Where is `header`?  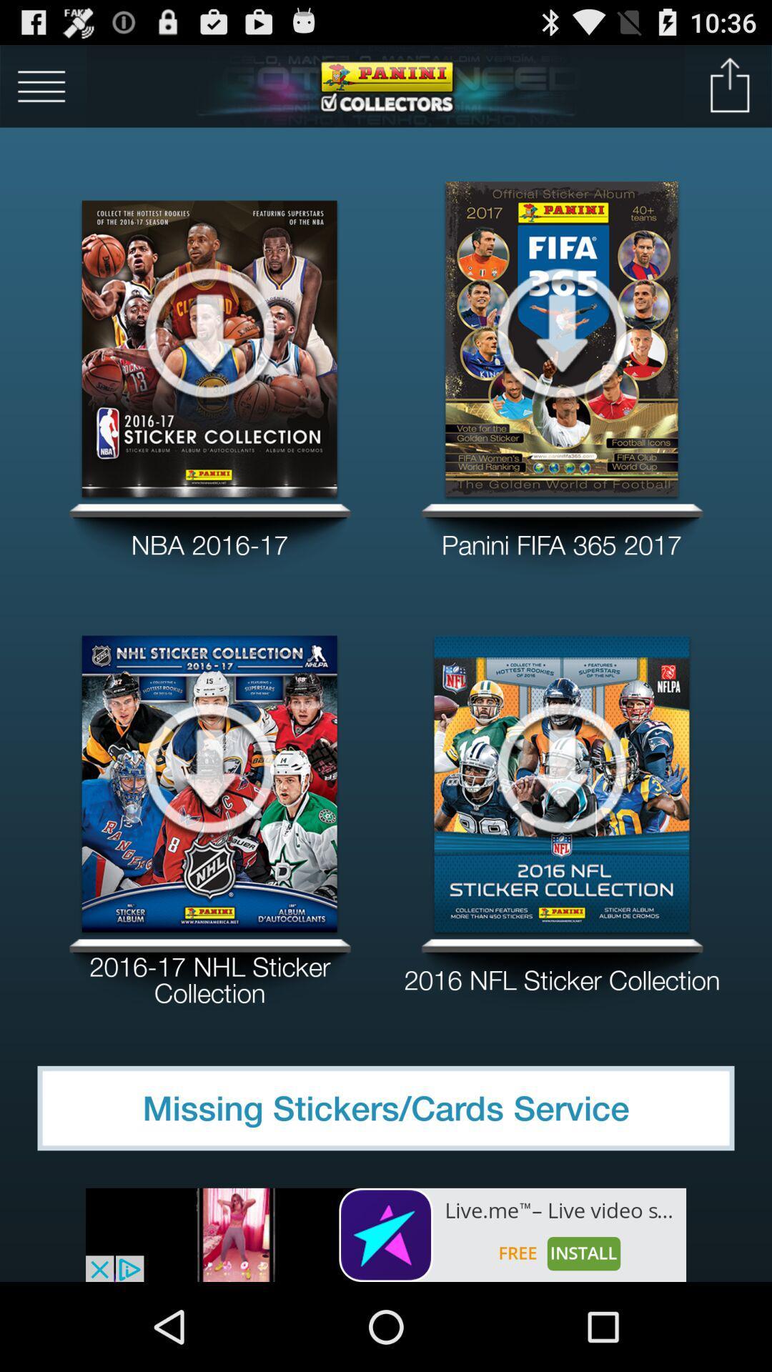
header is located at coordinates (386, 85).